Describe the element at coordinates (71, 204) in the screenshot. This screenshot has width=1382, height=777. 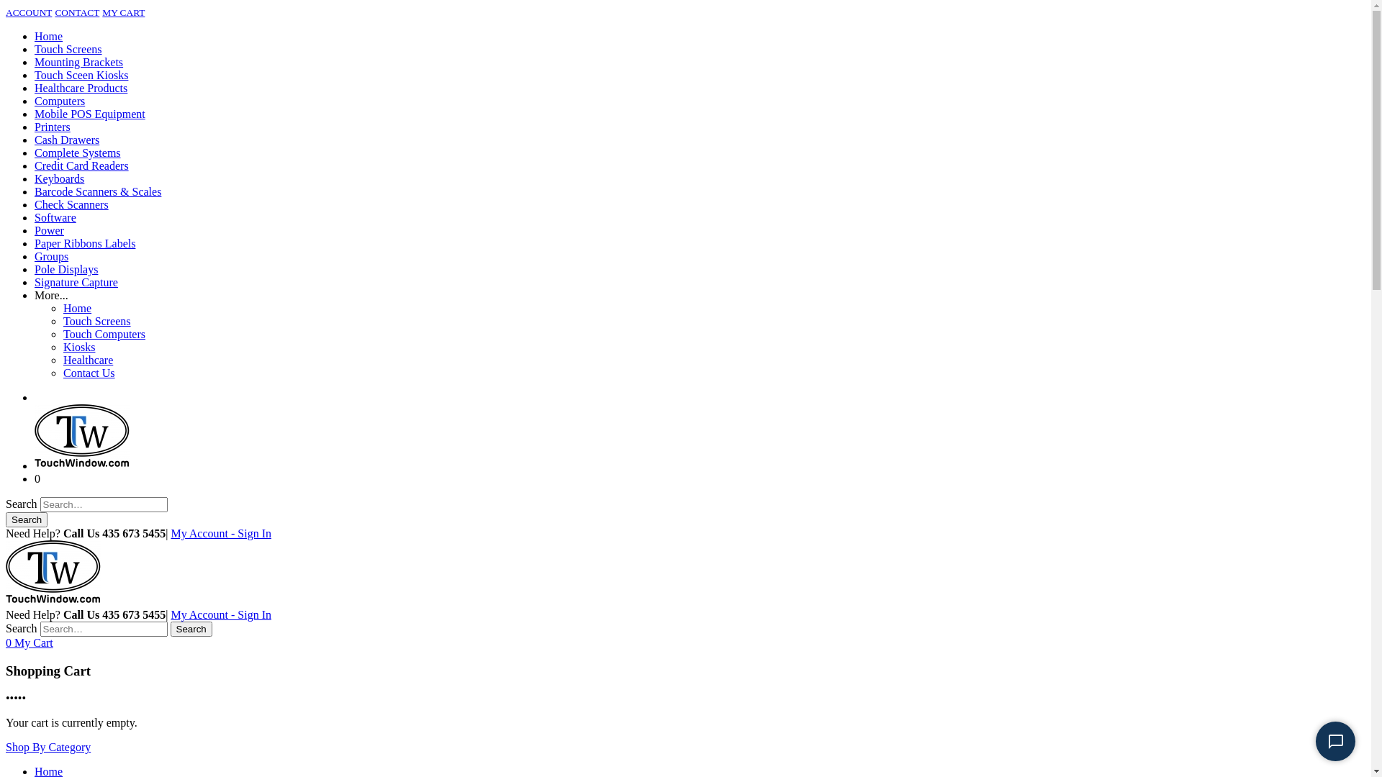
I see `'Check Scanners'` at that location.